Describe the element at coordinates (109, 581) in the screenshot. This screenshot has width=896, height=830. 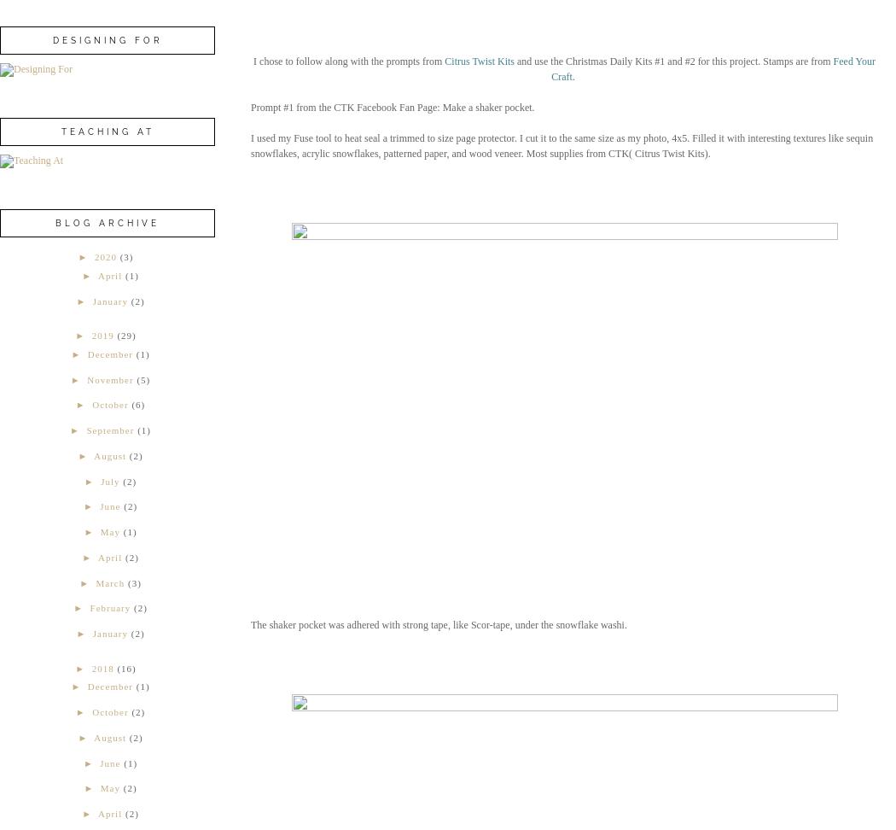
I see `'March'` at that location.